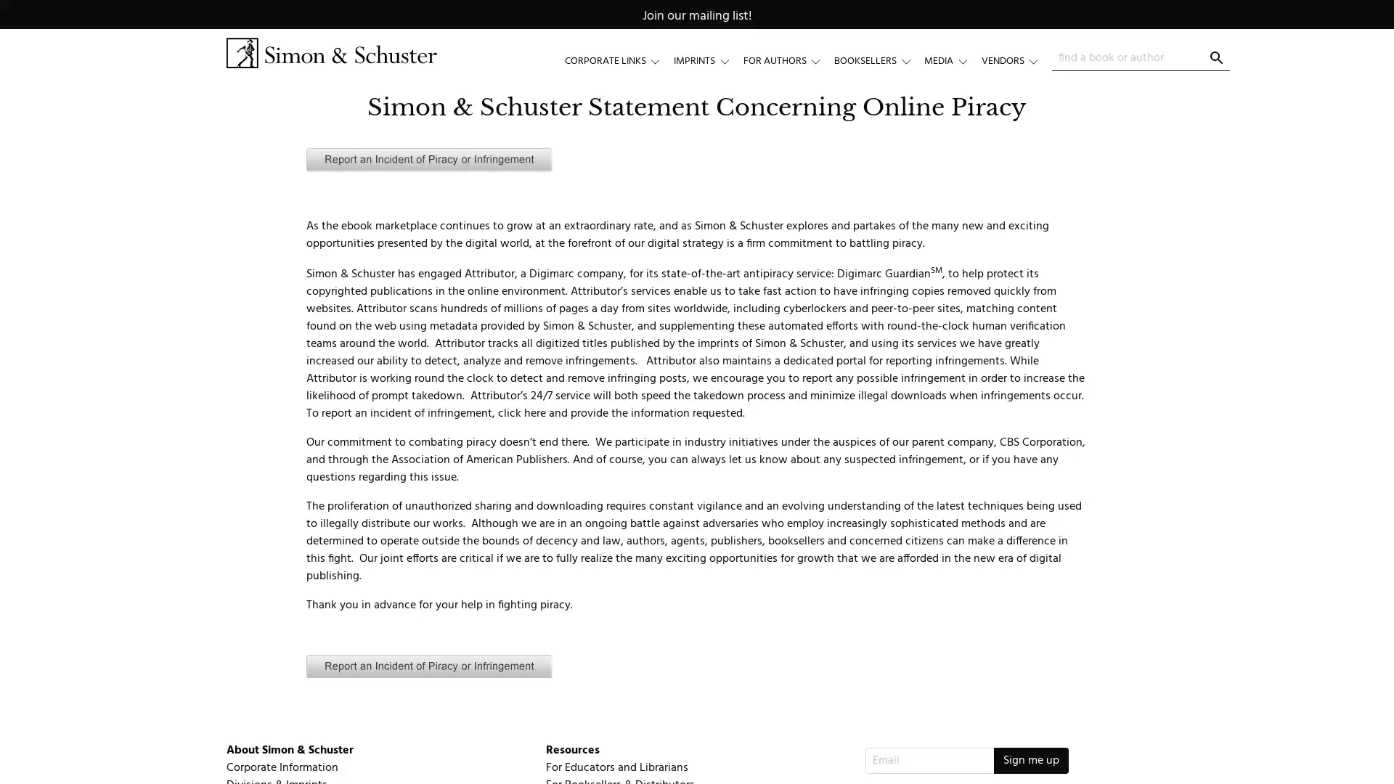 The image size is (1394, 784). I want to click on FOR AUTHORS, so click(787, 60).